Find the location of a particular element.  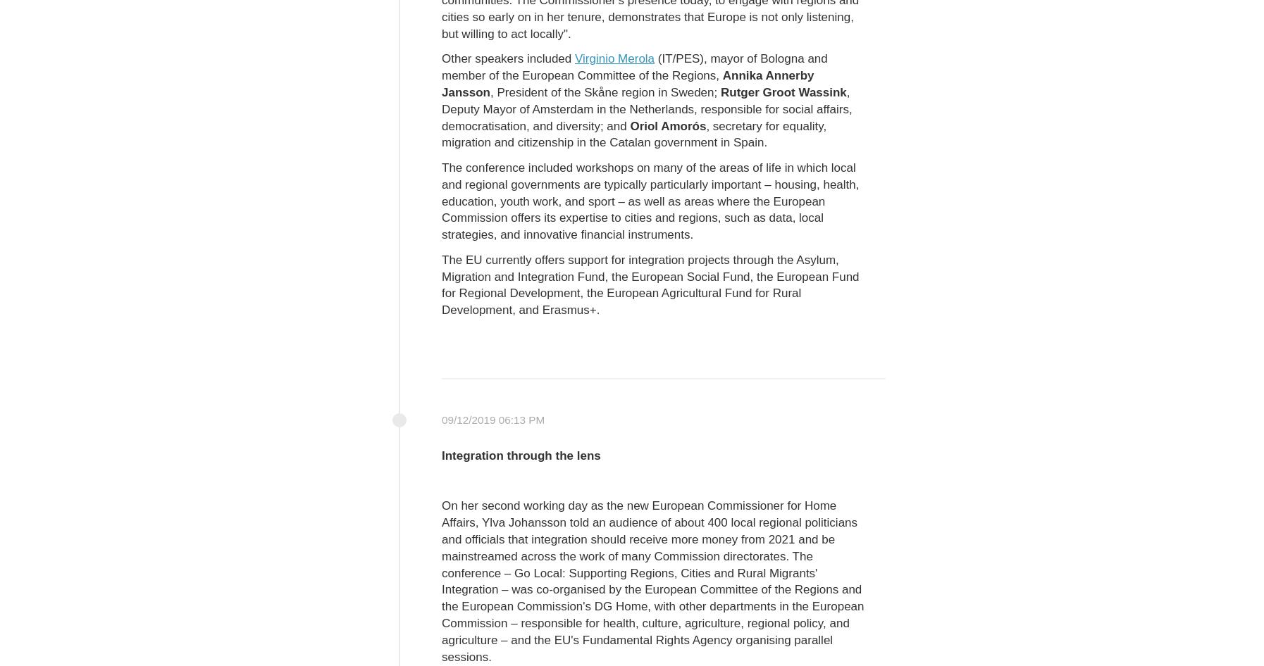

'Oriol Amorós' is located at coordinates (667, 125).